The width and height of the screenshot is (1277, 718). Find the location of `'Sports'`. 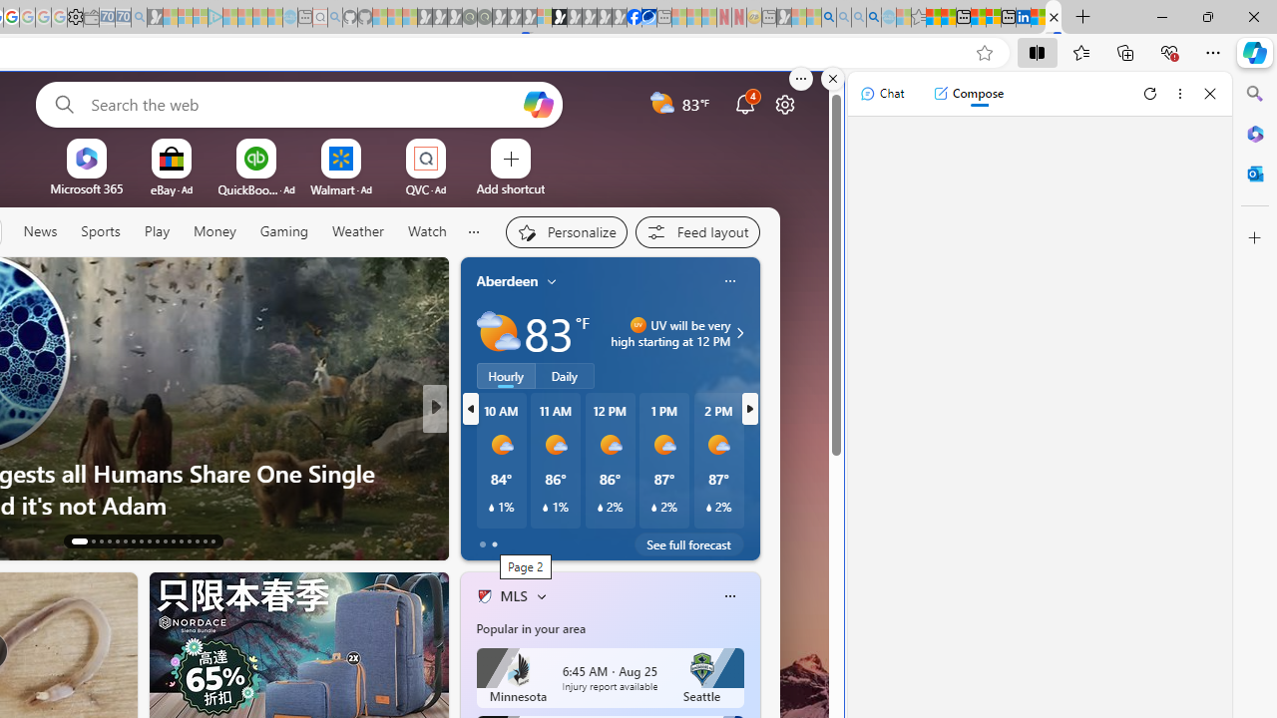

'Sports' is located at coordinates (100, 230).